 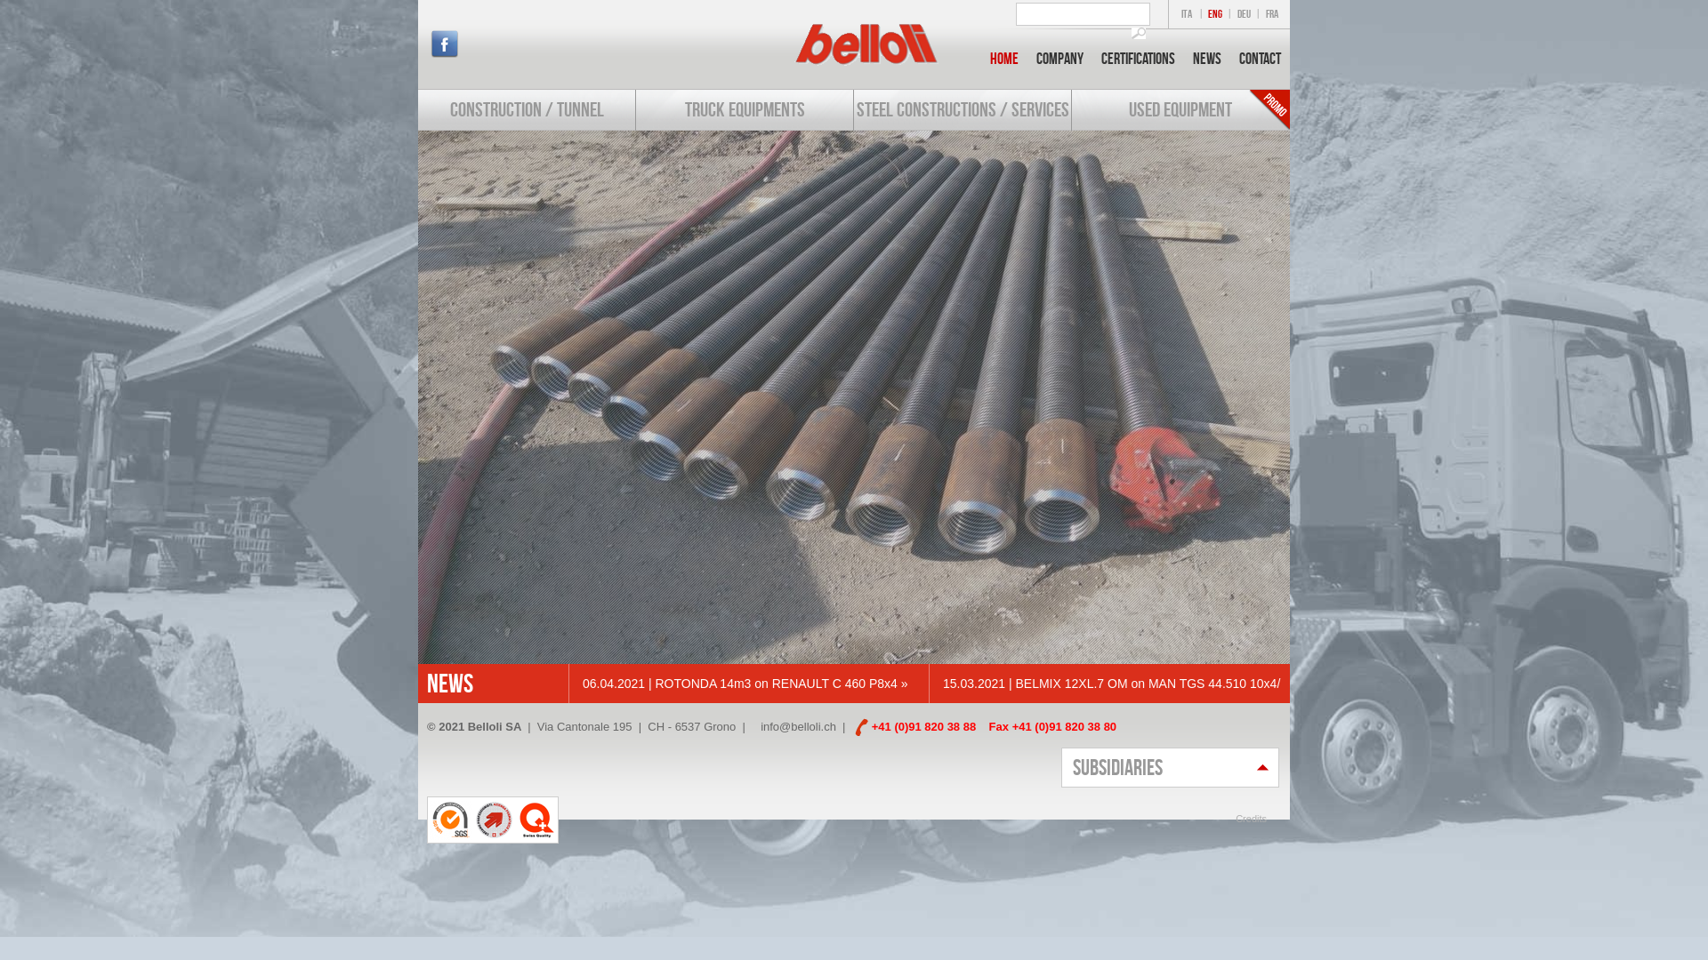 I want to click on 'ENG', so click(x=1214, y=13).